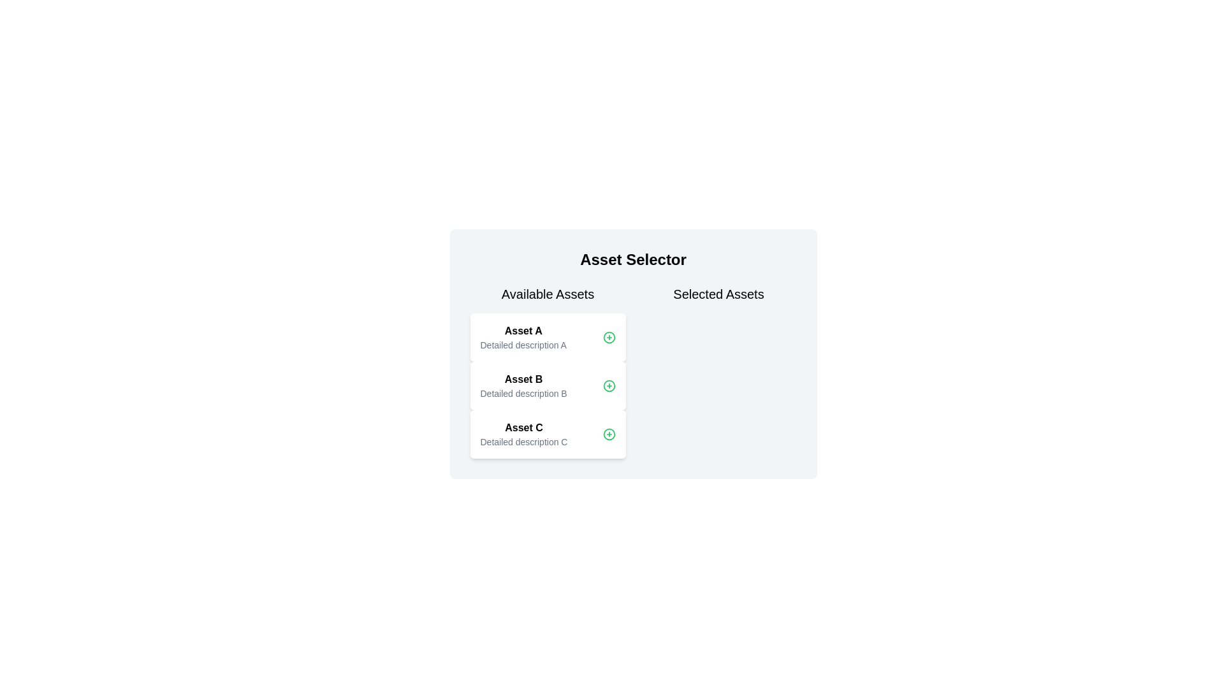 This screenshot has width=1224, height=688. I want to click on the decorative graphical element within the circular plus icon located to the right of the 'Asset B' entry in the 'Available Assets' column of the 'Asset Selector', so click(608, 434).